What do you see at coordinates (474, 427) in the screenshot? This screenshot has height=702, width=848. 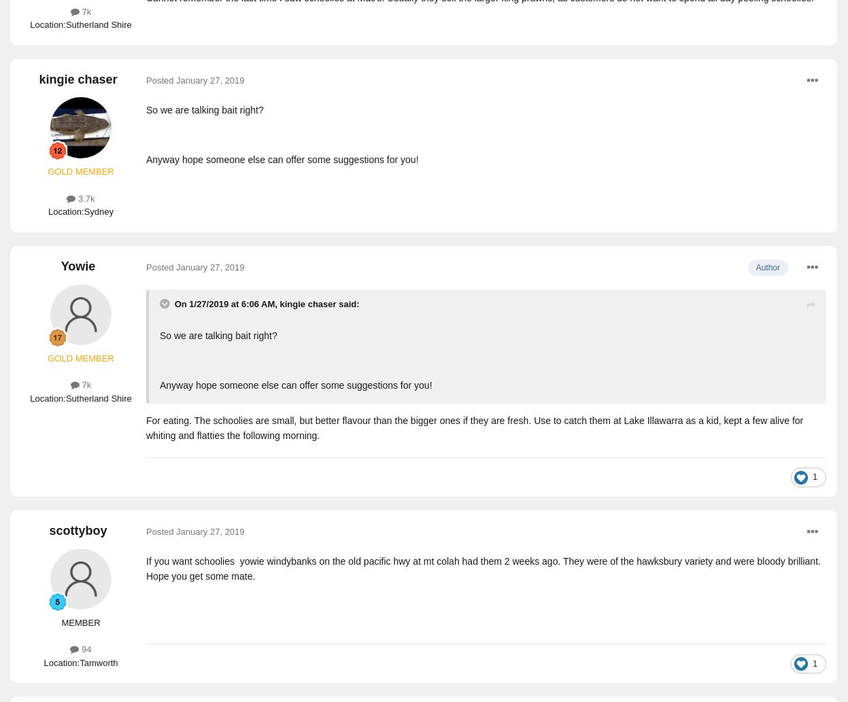 I see `'For eating. The schoolies are small, but better flavour than the bigger ones if they are fresh. Use to catch them at Lake Illawarra as a kid, kept a few alive for whiting and flatties the following morning.'` at bounding box center [474, 427].